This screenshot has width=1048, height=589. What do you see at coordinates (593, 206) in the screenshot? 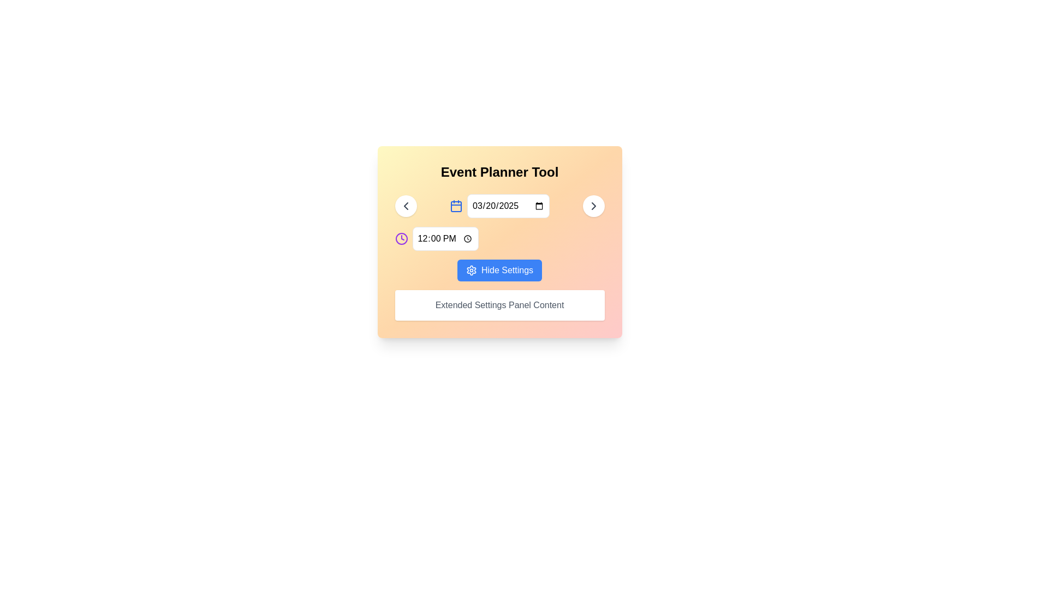
I see `the SVG icon located in the circular button at the top-right quadrant of the application interface` at bounding box center [593, 206].